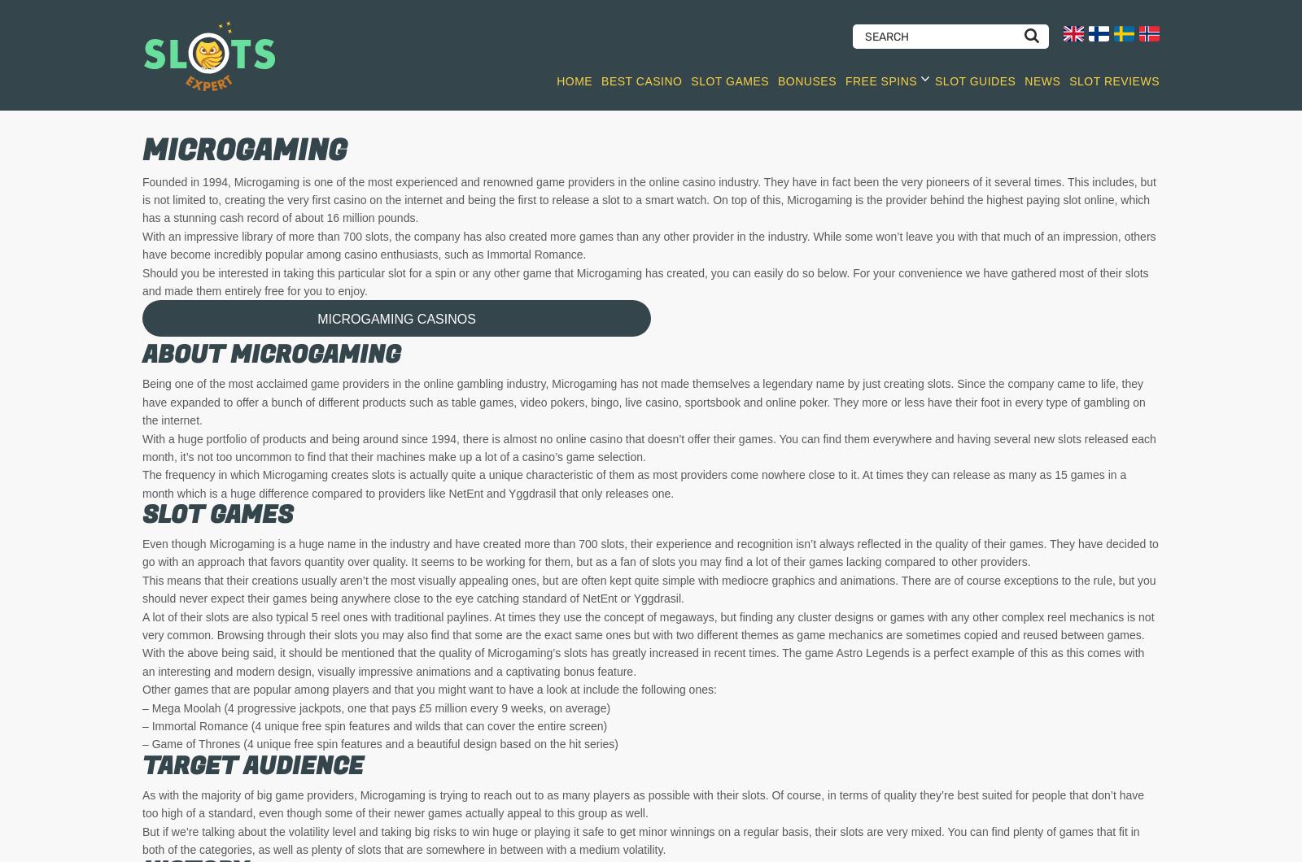 The width and height of the screenshot is (1302, 862). What do you see at coordinates (1073, 385) in the screenshot?
I see `'Enchanted woods'` at bounding box center [1073, 385].